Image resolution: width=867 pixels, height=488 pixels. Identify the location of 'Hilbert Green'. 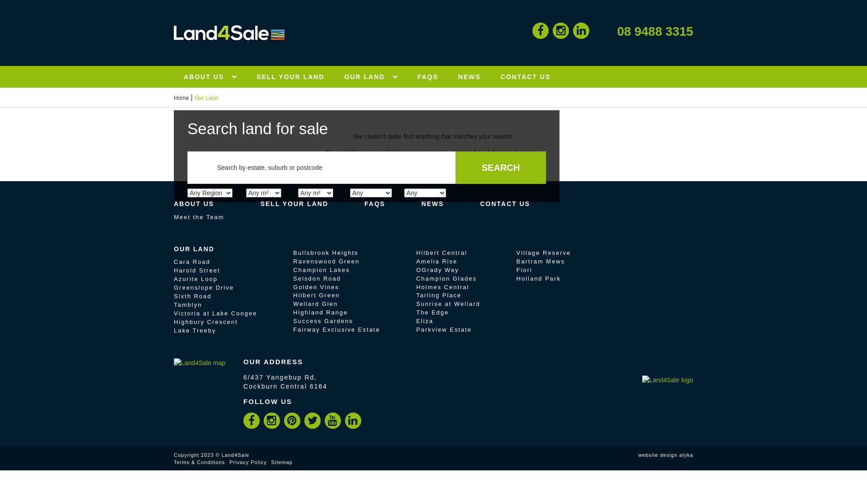
(316, 295).